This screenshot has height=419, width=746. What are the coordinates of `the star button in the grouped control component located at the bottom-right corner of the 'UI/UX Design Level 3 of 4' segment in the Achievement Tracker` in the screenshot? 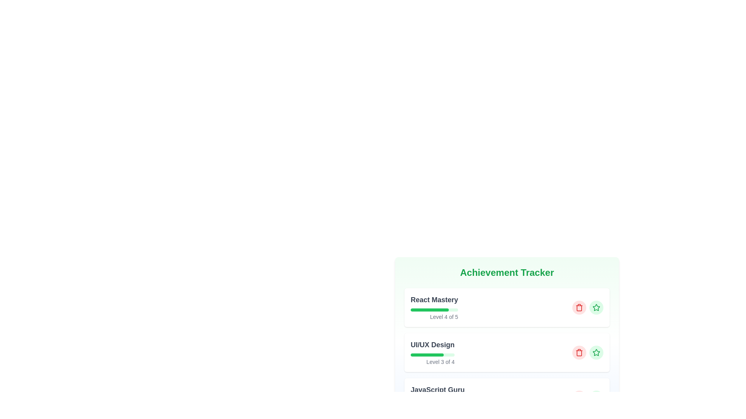 It's located at (587, 353).